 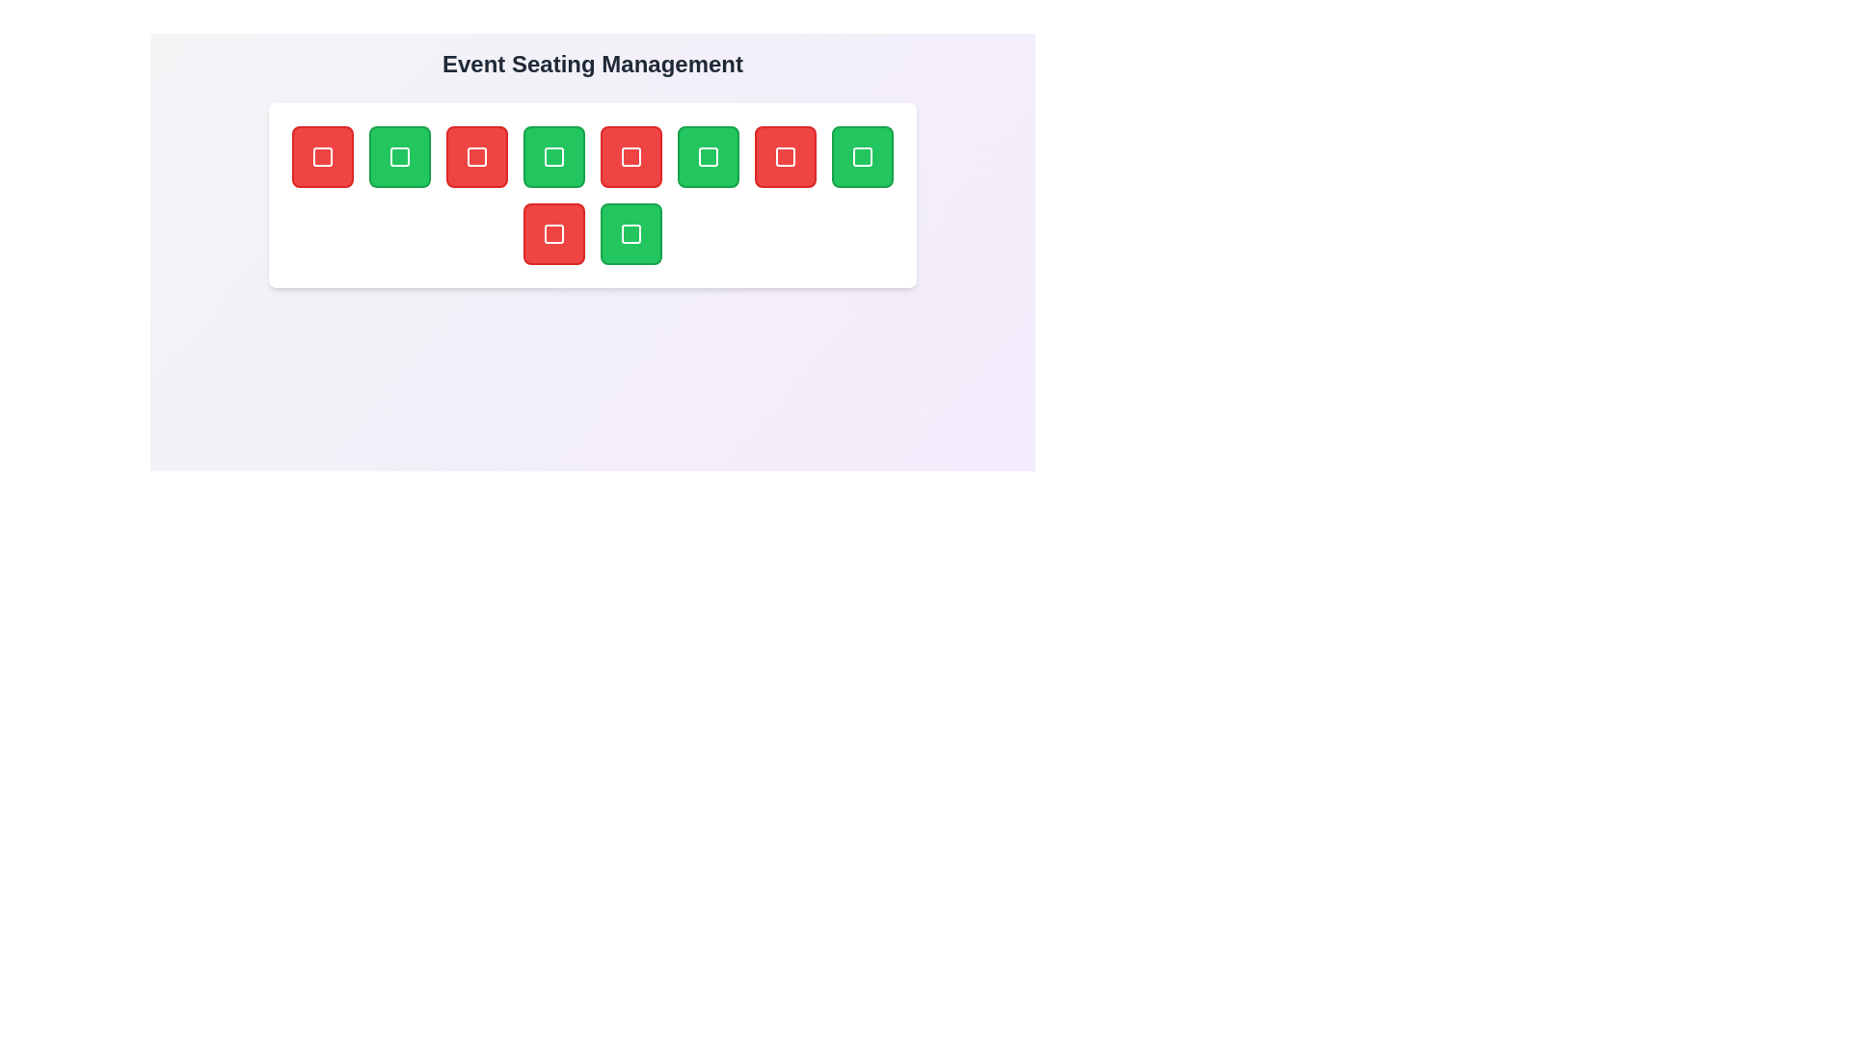 What do you see at coordinates (630, 155) in the screenshot?
I see `the SVG rectangle with rounded corners located in the fourth square from the left in the top row under 'Event Seating Management'` at bounding box center [630, 155].